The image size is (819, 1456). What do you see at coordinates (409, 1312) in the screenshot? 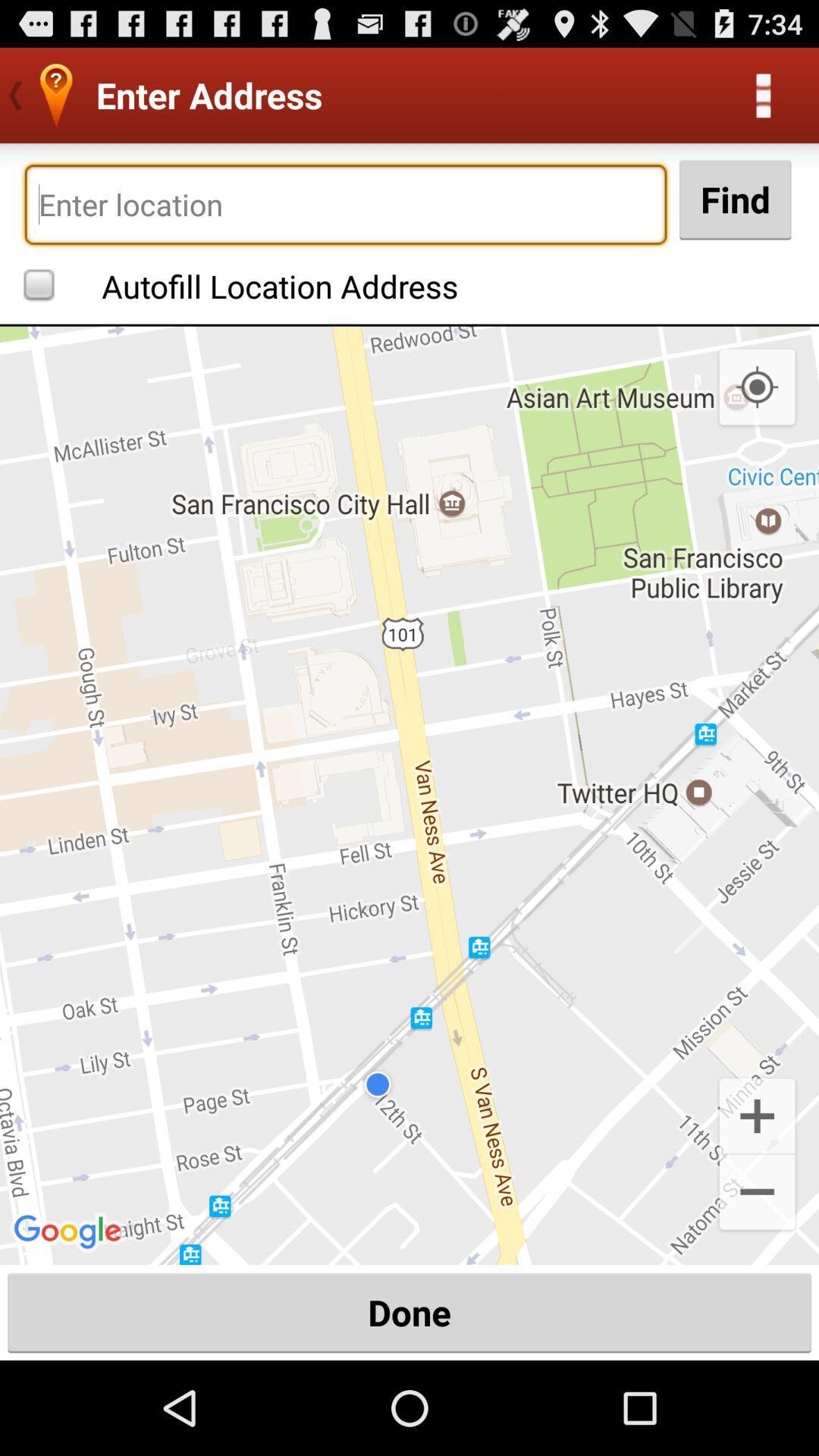
I see `done at the bottom` at bounding box center [409, 1312].